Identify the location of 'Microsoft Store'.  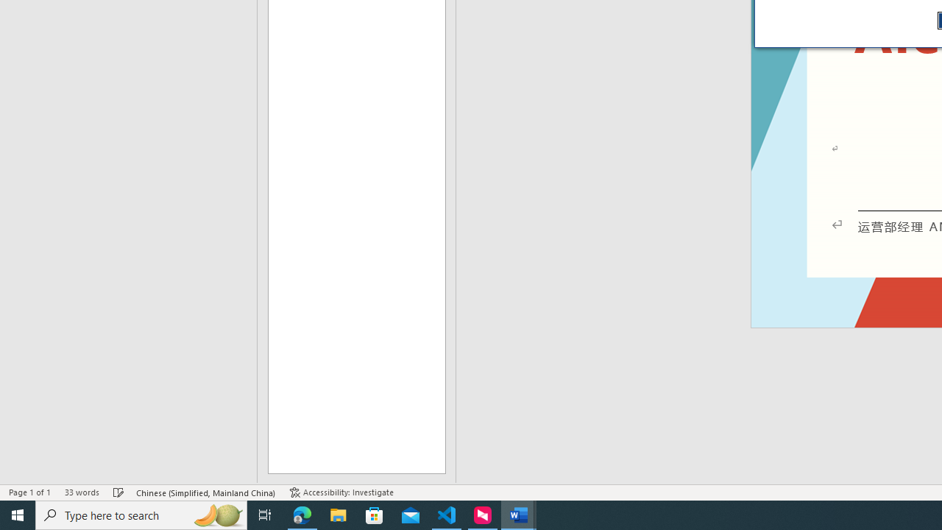
(375, 514).